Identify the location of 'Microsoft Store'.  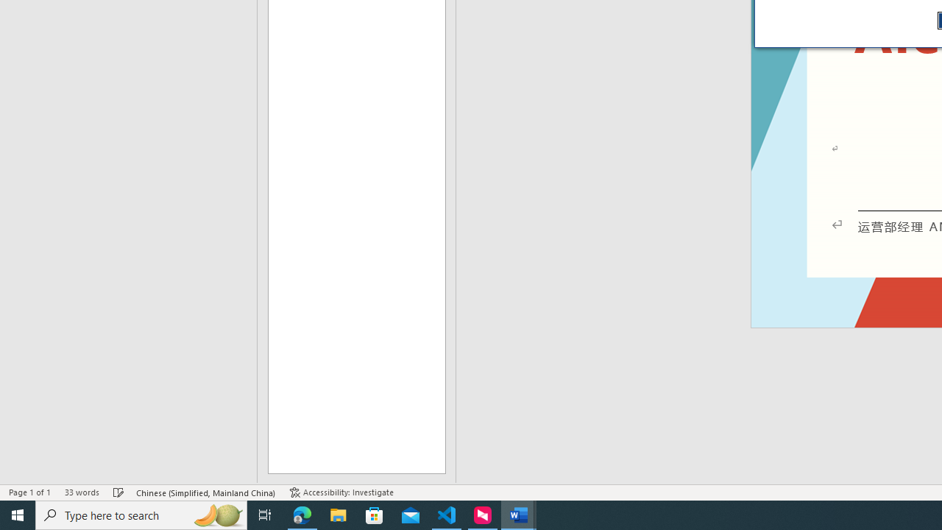
(375, 514).